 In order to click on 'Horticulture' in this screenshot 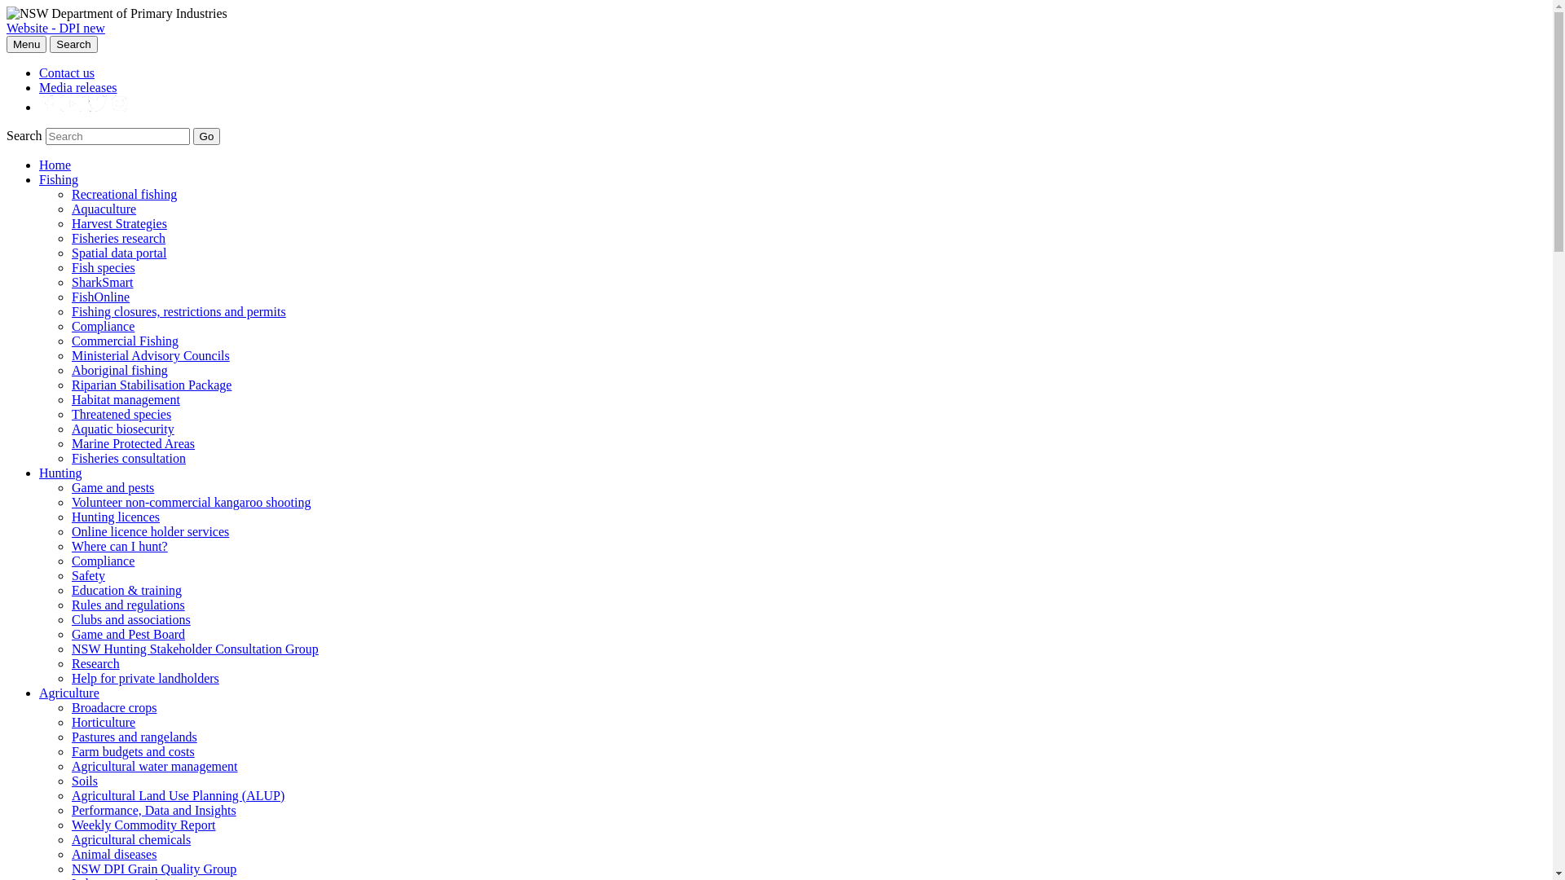, I will do `click(102, 721)`.